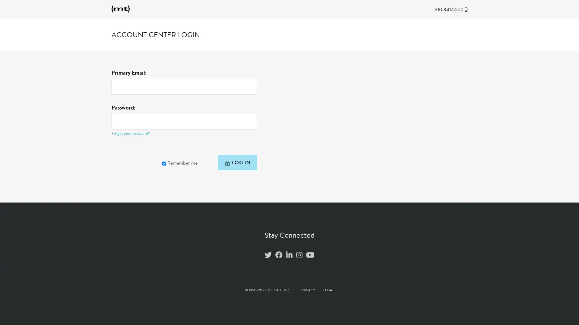 The height and width of the screenshot is (325, 579). What do you see at coordinates (236, 164) in the screenshot?
I see `LOG IN` at bounding box center [236, 164].